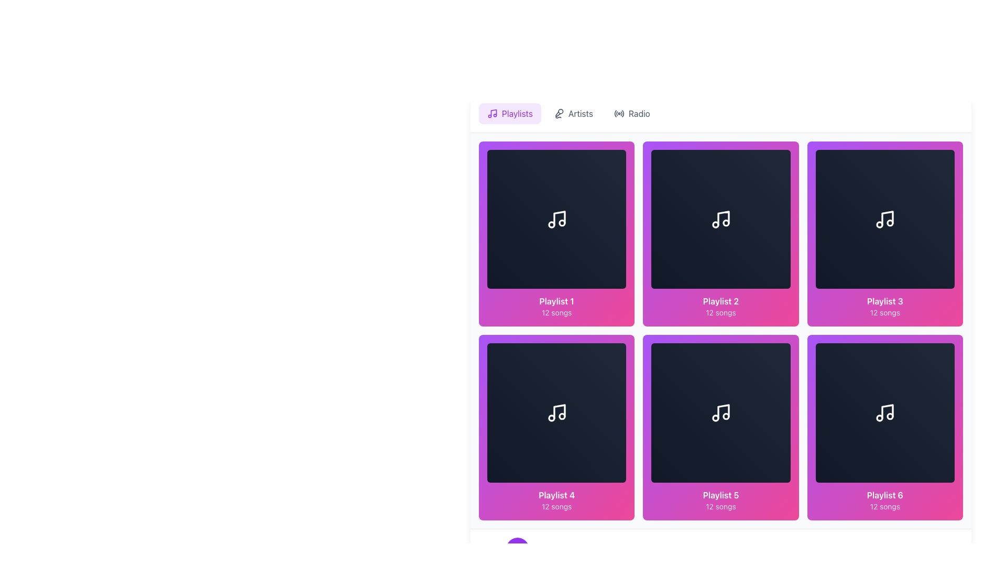  Describe the element at coordinates (715, 418) in the screenshot. I see `the decorative SVG circle element within the 'Playlist 5' card, which is part of the musical note icon` at that location.